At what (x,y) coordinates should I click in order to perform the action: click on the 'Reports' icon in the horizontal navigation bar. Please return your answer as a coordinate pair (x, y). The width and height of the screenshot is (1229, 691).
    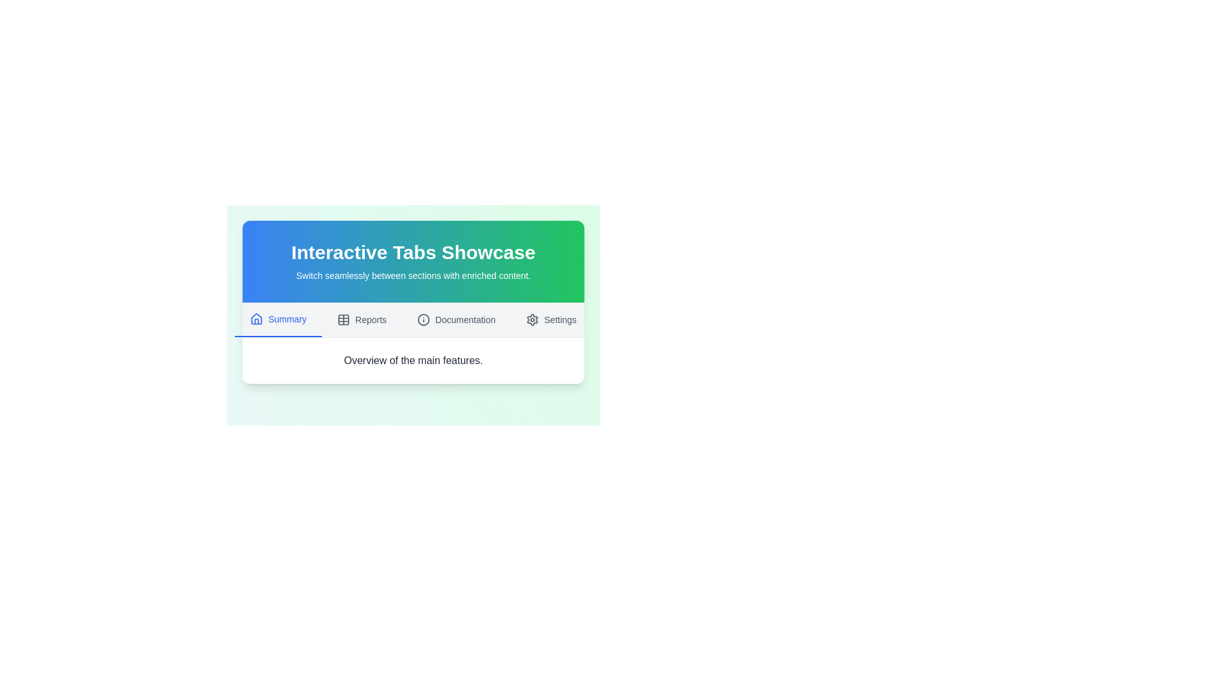
    Looking at the image, I should click on (344, 319).